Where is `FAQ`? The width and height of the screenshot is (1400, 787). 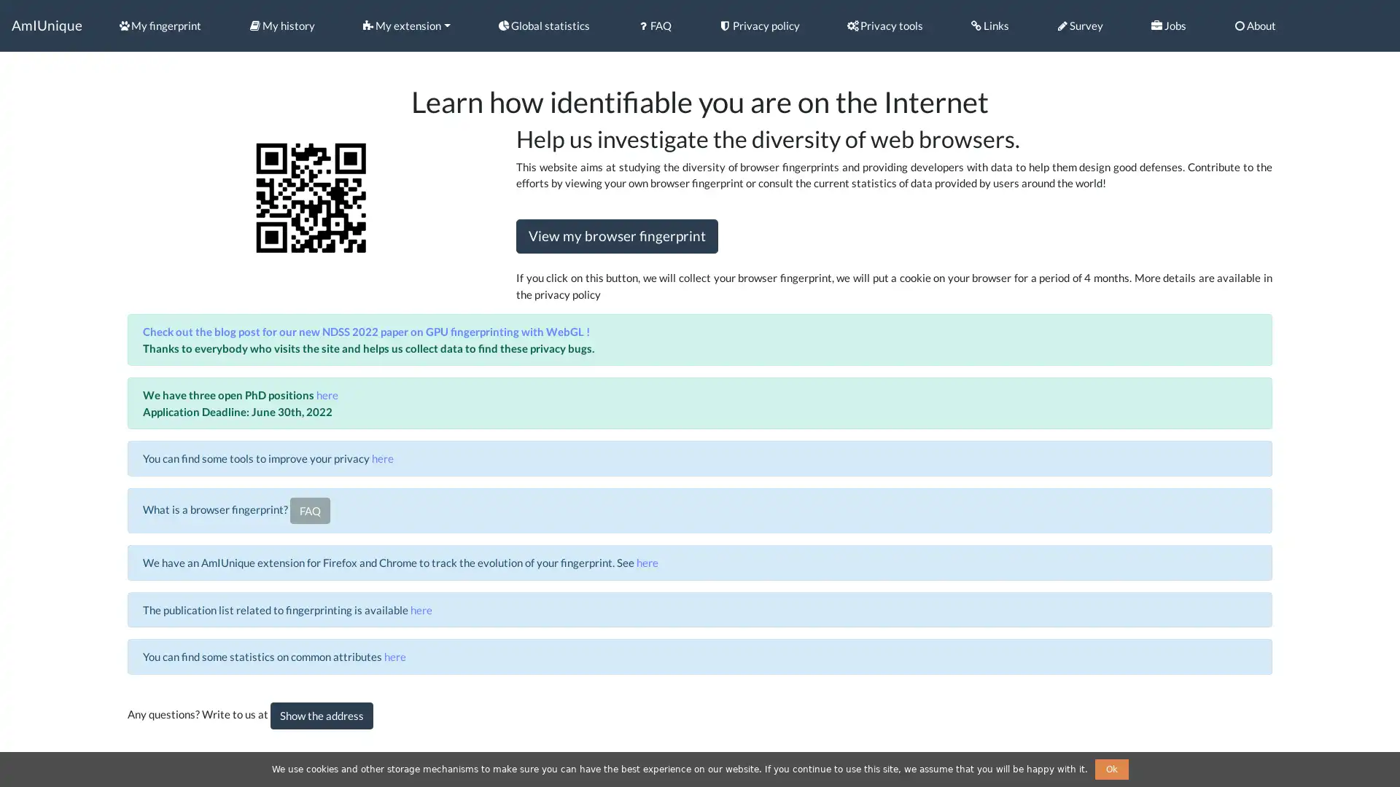 FAQ is located at coordinates (308, 509).